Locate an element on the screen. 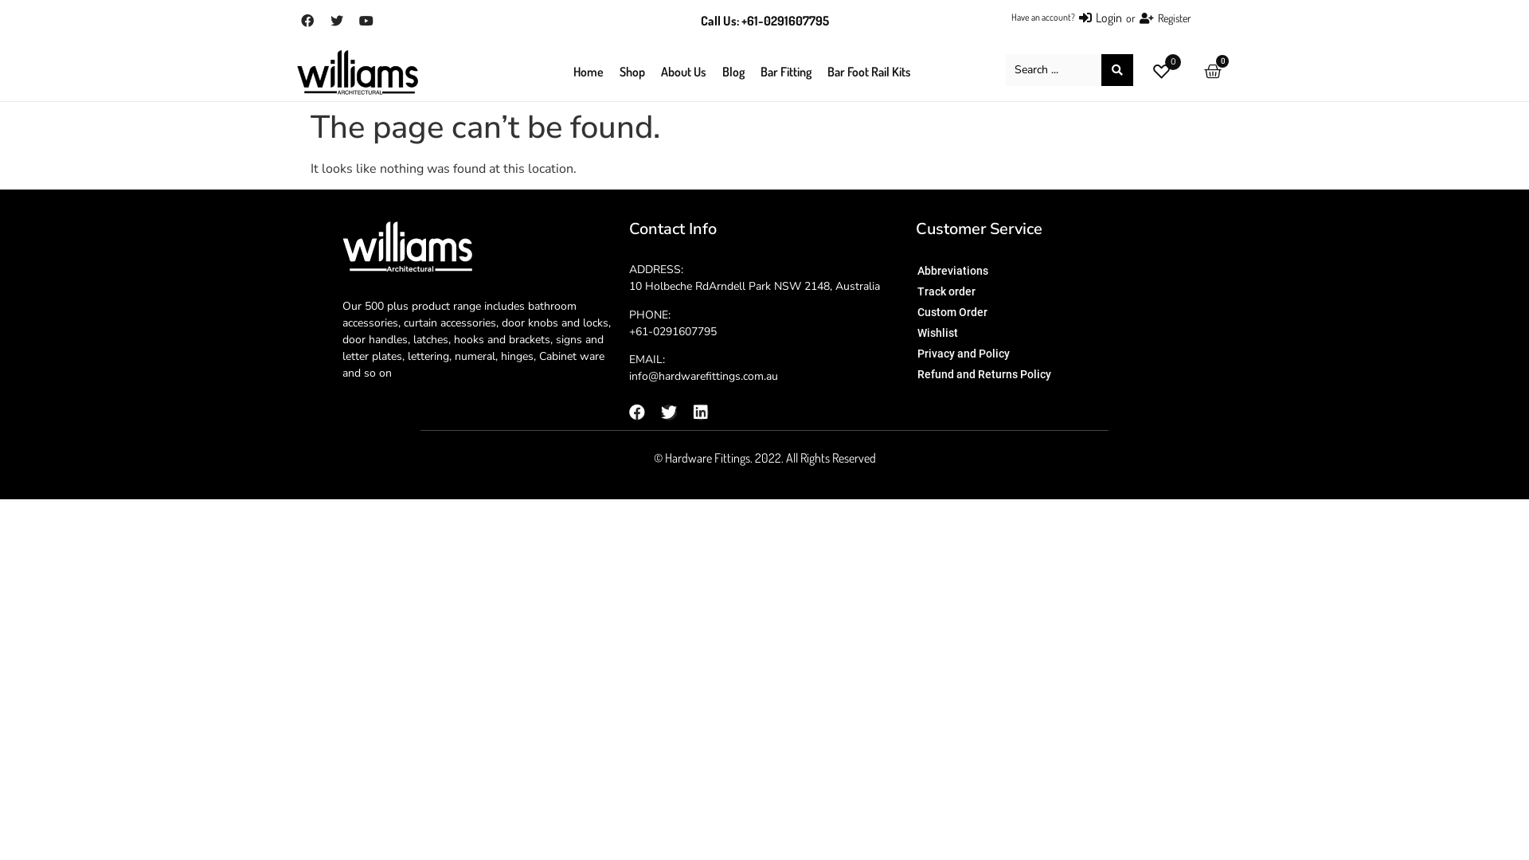  'Privacy and Policy' is located at coordinates (1015, 353).